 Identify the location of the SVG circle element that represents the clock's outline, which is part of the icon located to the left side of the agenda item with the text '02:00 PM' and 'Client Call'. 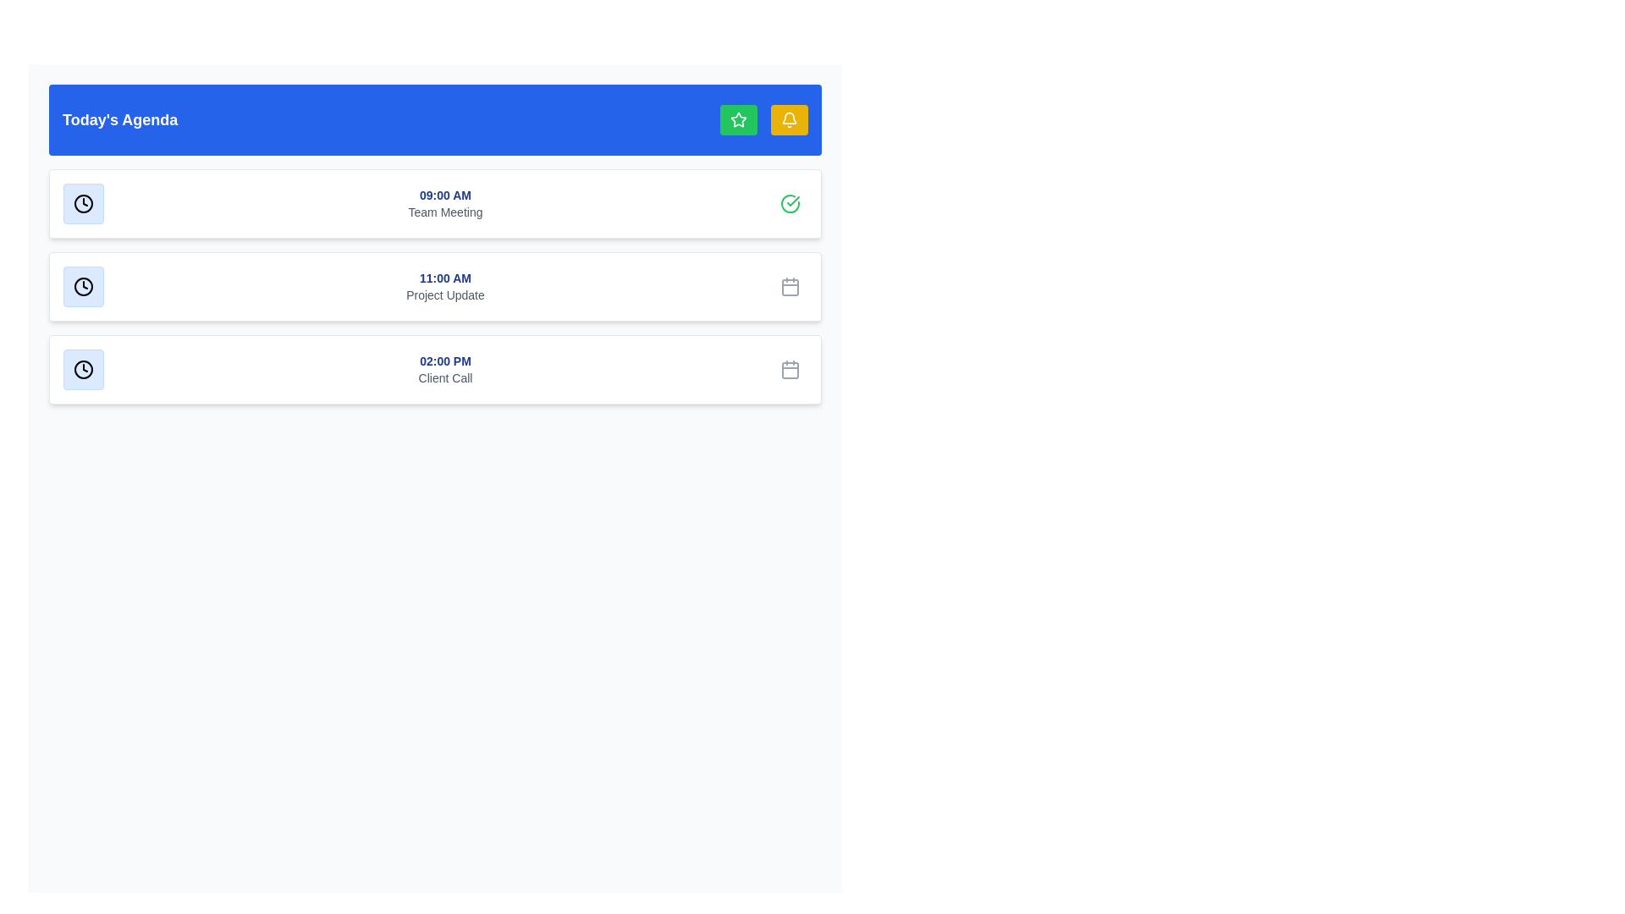
(83, 368).